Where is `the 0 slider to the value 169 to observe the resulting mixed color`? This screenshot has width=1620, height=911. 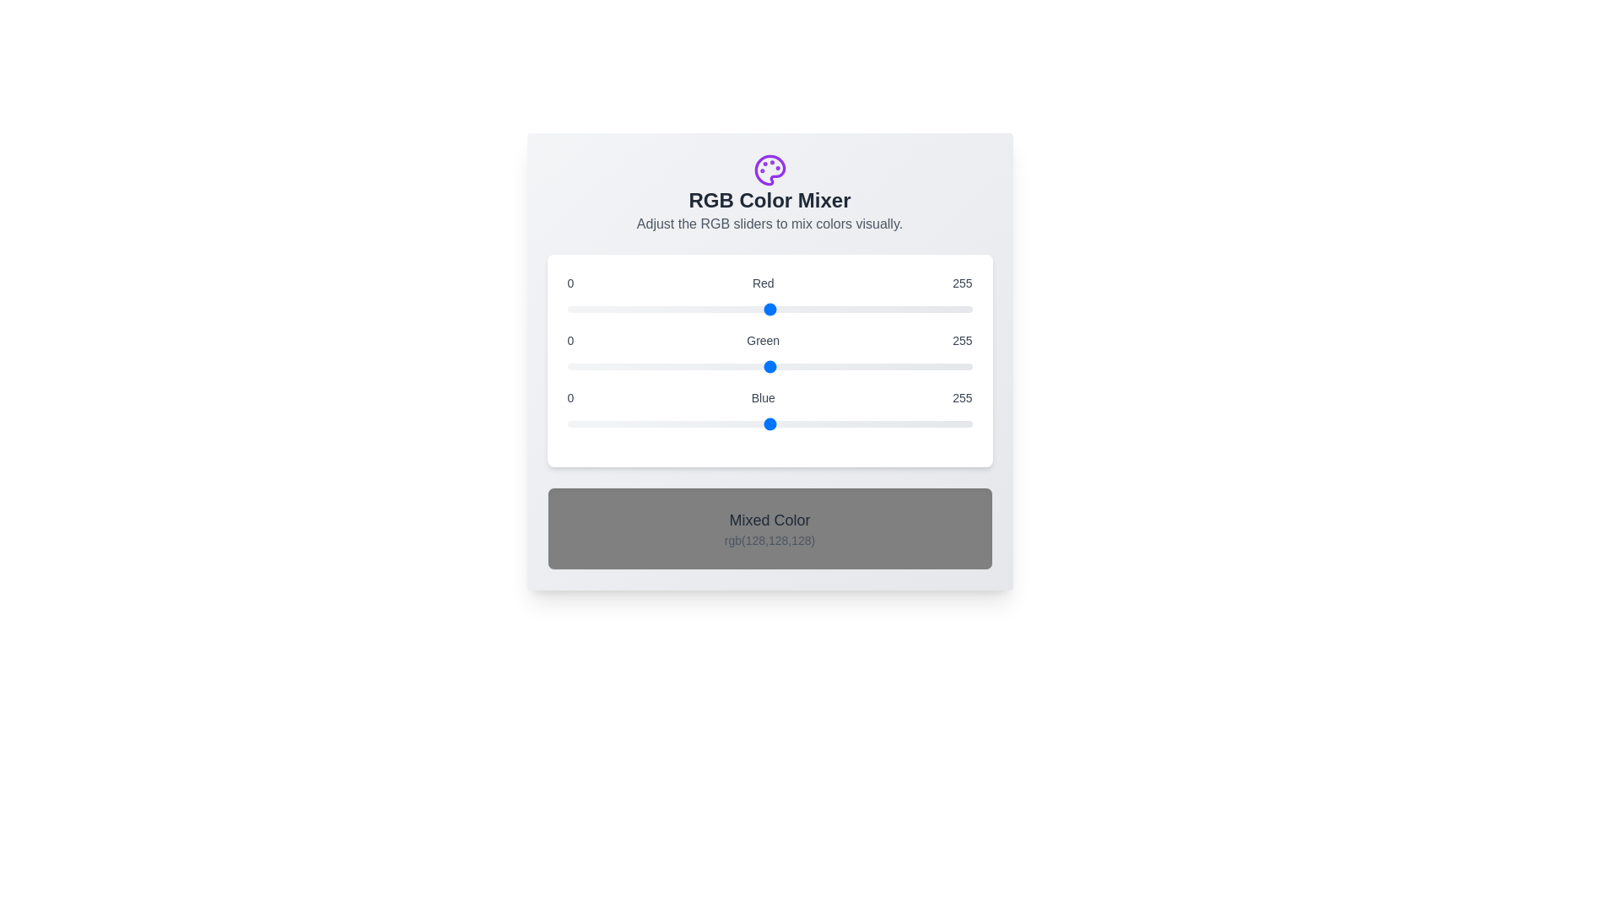 the 0 slider to the value 169 to observe the resulting mixed color is located at coordinates (769, 309).